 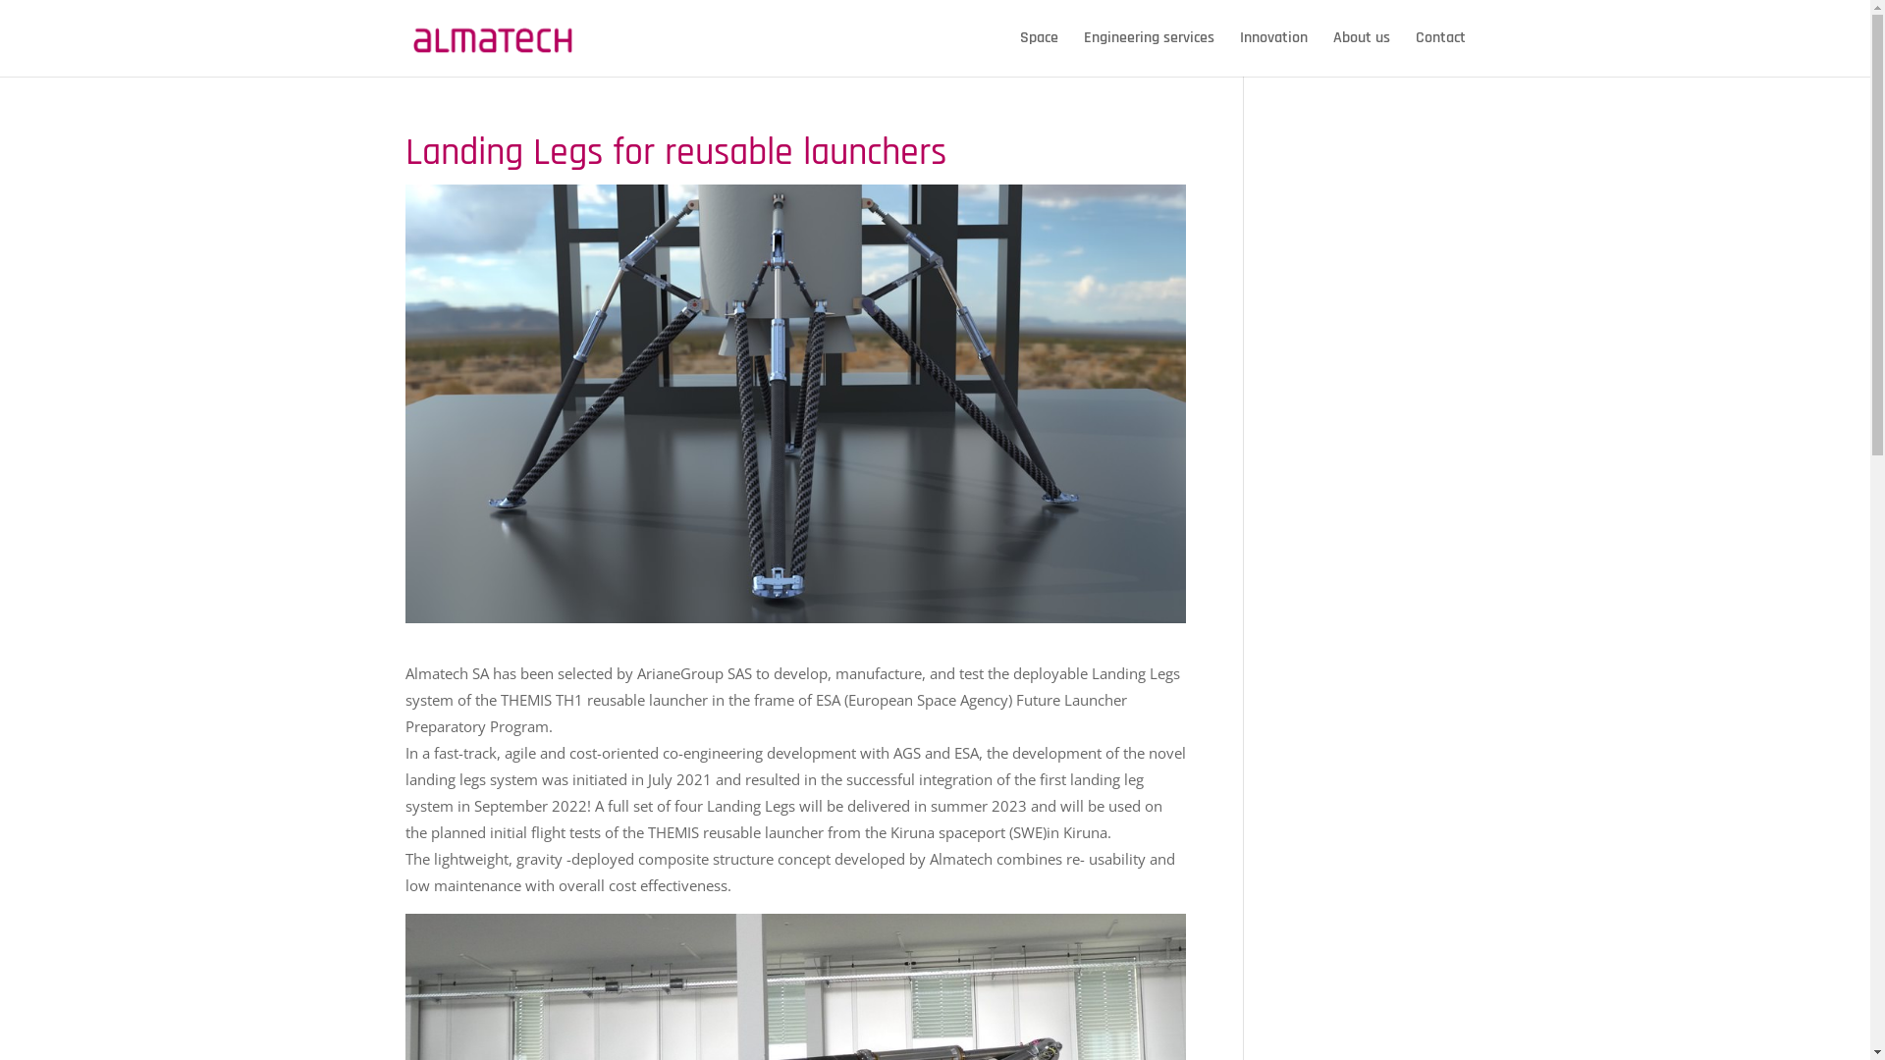 What do you see at coordinates (1272, 52) in the screenshot?
I see `'Innovation'` at bounding box center [1272, 52].